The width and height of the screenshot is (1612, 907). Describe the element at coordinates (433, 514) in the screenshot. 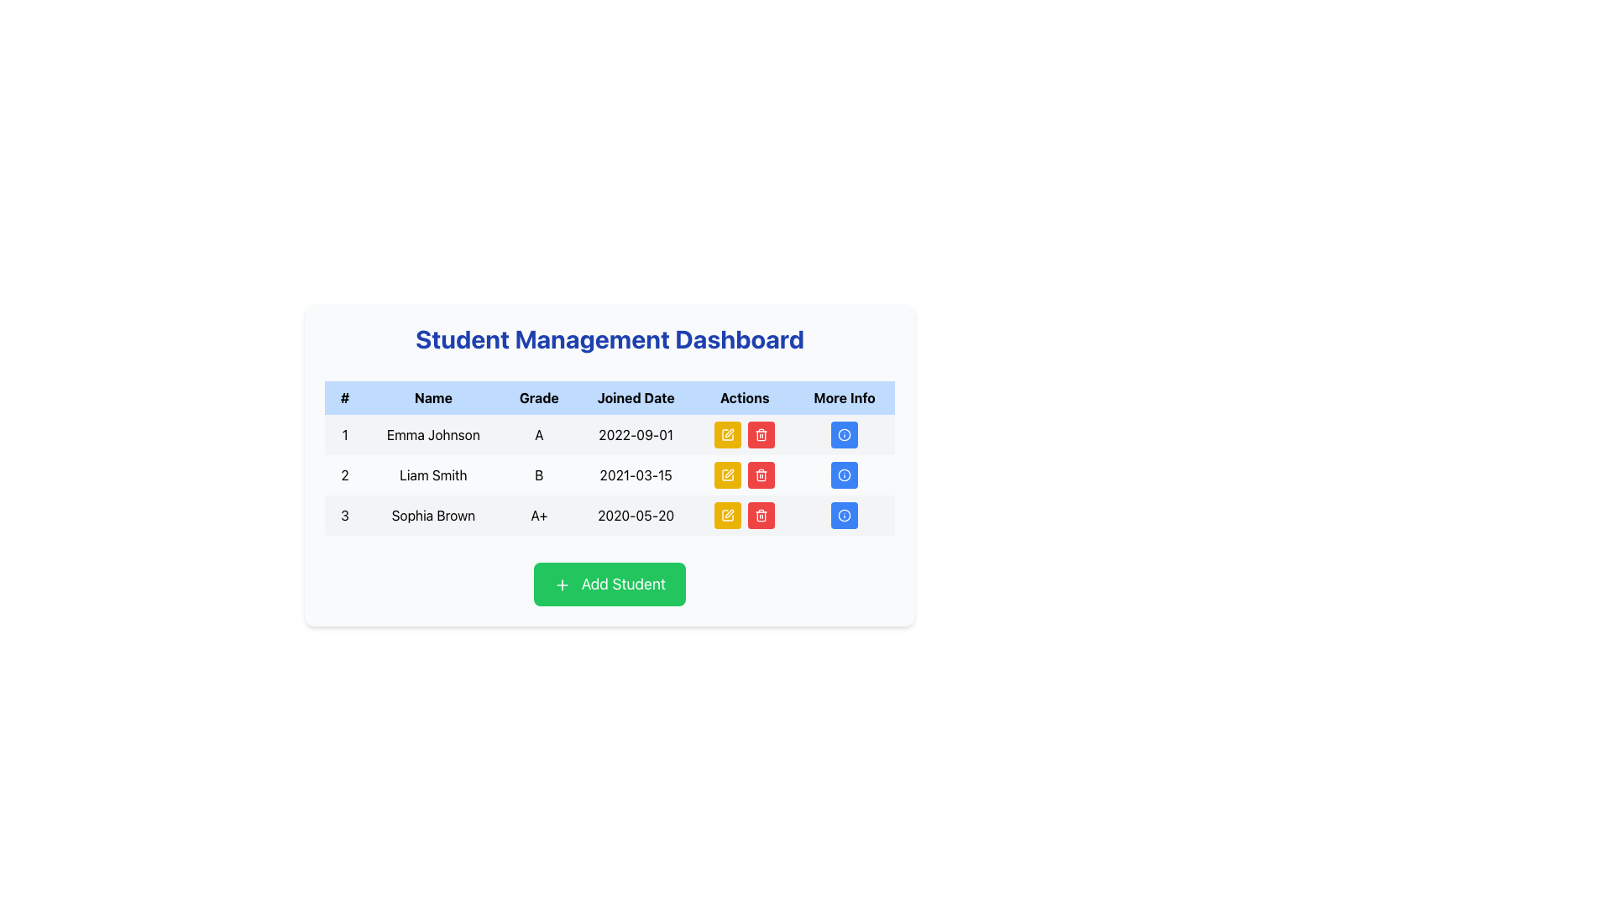

I see `text displayed in the second cell of the third row under the 'Name' header, which shows 'Sophia Brown'` at that location.